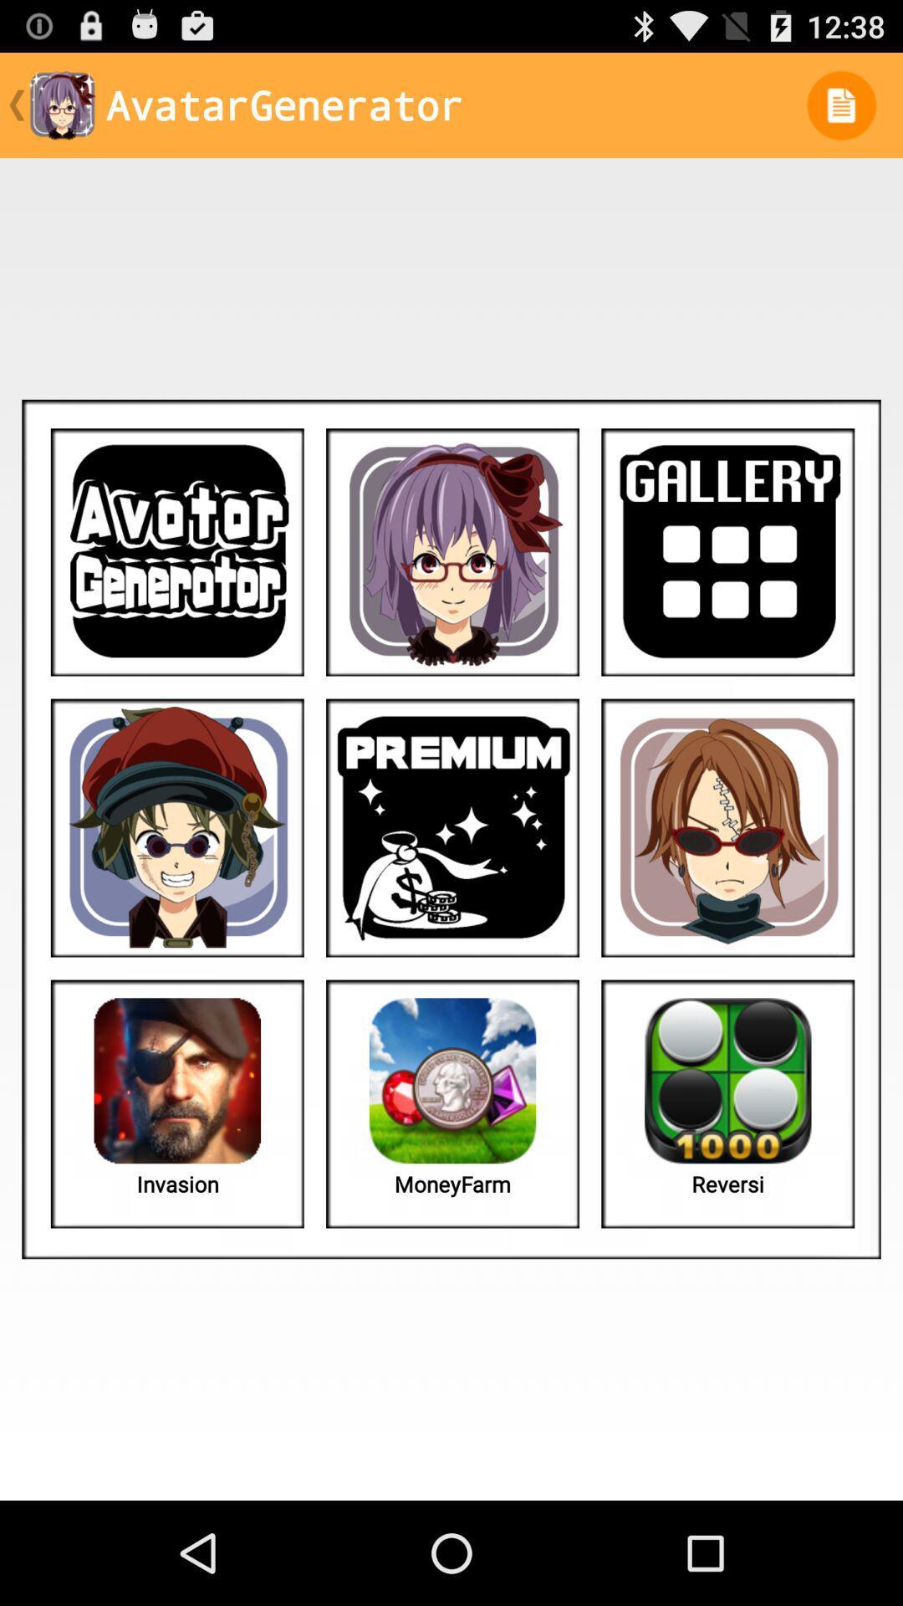 This screenshot has height=1606, width=903. What do you see at coordinates (841, 104) in the screenshot?
I see `the icon which is just below the time` at bounding box center [841, 104].